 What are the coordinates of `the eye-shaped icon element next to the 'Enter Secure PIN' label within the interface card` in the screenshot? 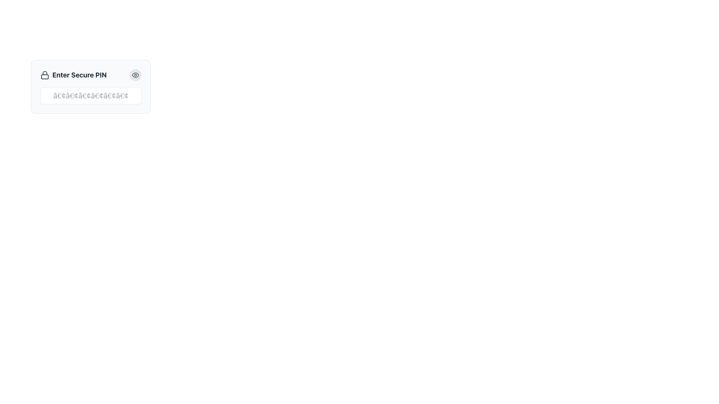 It's located at (135, 75).